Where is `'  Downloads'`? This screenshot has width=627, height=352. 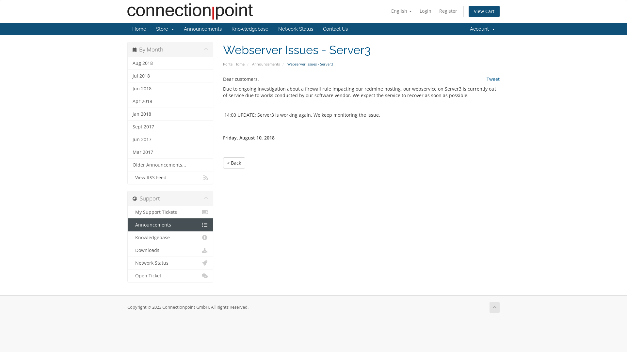
'  Downloads' is located at coordinates (170, 250).